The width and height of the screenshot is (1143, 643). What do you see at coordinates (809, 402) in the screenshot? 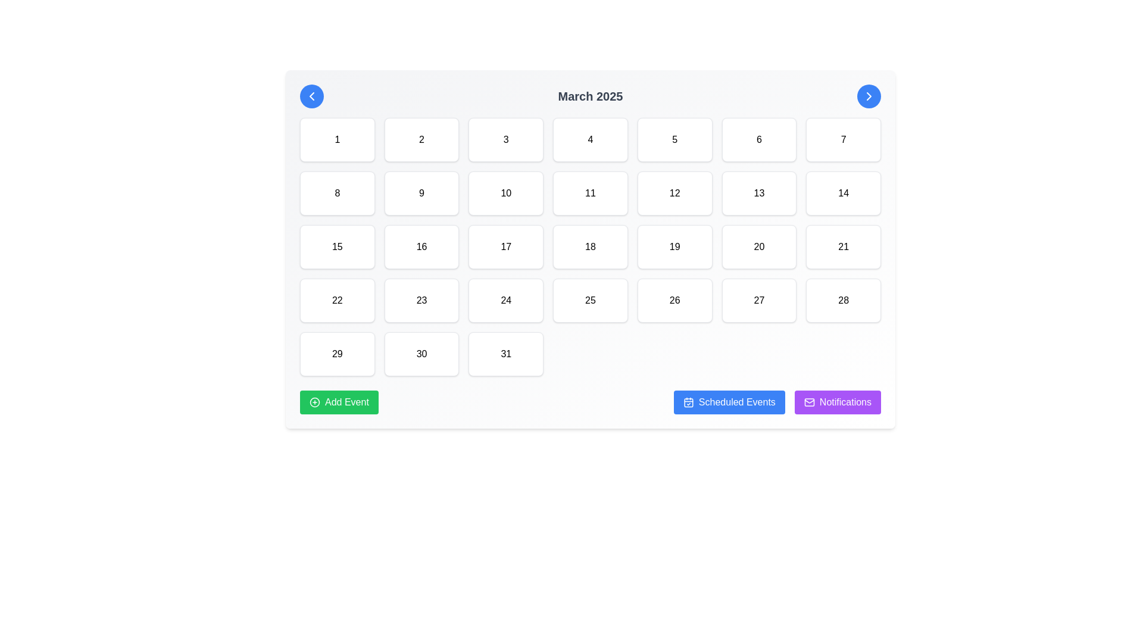
I see `the decorative SVG component within the 'Notifications' button located at the bottom-right corner of the calendar interface` at bounding box center [809, 402].